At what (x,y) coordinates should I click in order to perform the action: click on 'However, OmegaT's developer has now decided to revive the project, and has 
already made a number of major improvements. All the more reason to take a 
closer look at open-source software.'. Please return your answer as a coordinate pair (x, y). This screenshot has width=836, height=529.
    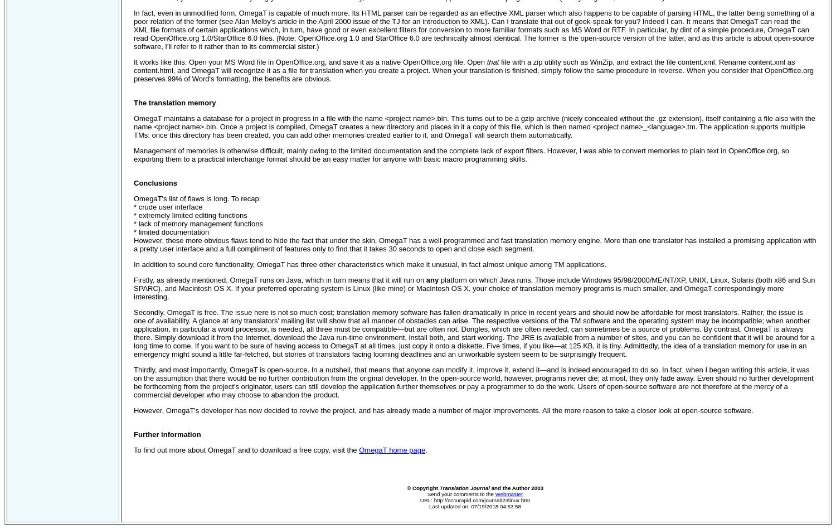
    Looking at the image, I should click on (133, 410).